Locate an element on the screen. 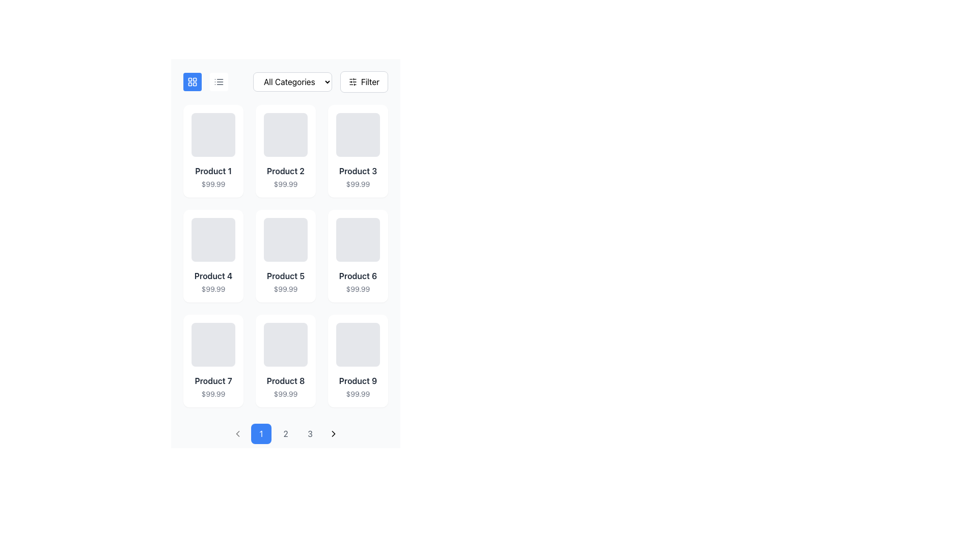  the text block that presents the title and price of a product, located in the central column of the grid layout on the second row beneath the image area is located at coordinates (285, 282).